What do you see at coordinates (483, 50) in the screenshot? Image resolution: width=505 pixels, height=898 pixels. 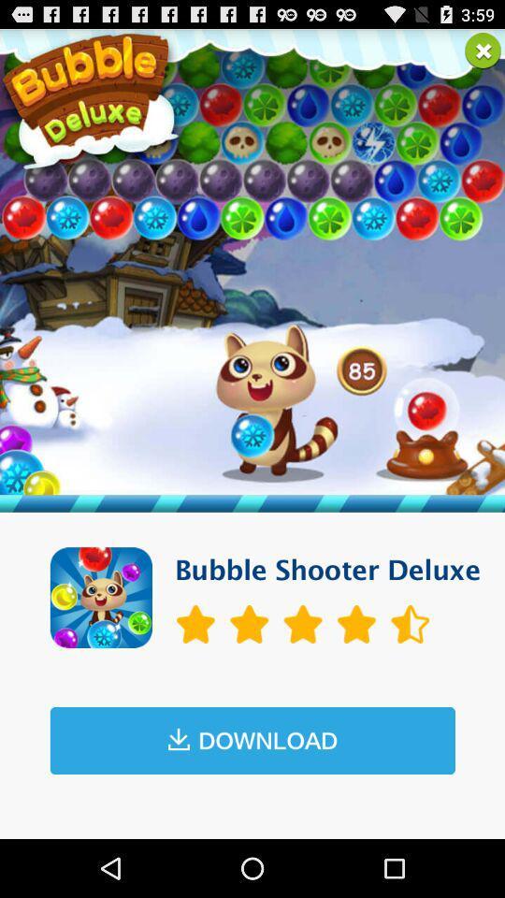 I see `item` at bounding box center [483, 50].